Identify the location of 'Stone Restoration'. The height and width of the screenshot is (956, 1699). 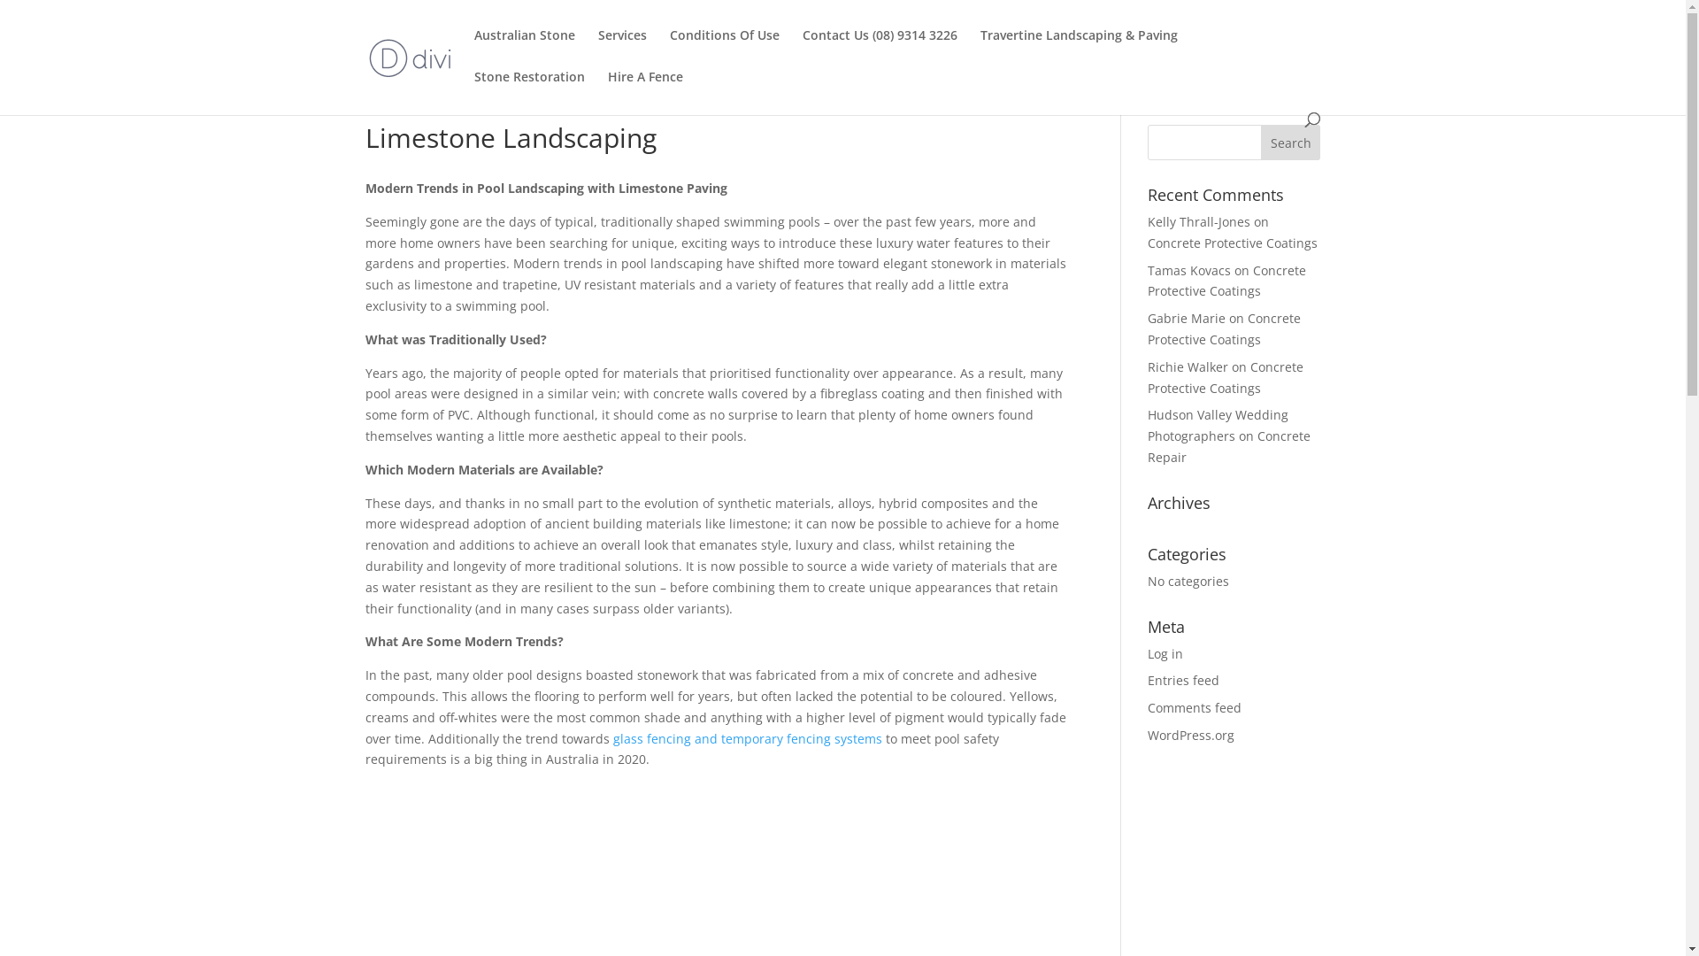
(528, 91).